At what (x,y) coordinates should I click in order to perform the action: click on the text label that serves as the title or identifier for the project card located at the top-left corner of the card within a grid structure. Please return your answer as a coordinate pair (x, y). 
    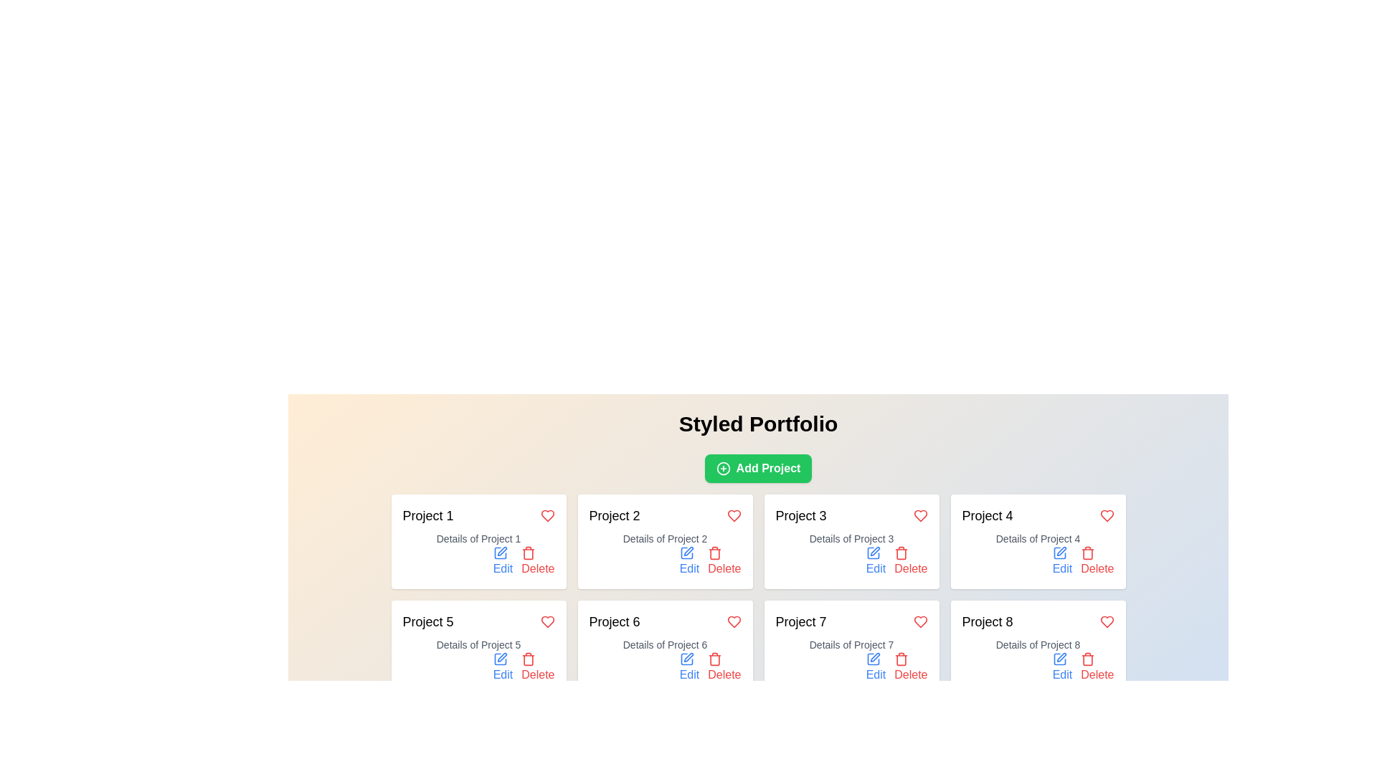
    Looking at the image, I should click on (427, 516).